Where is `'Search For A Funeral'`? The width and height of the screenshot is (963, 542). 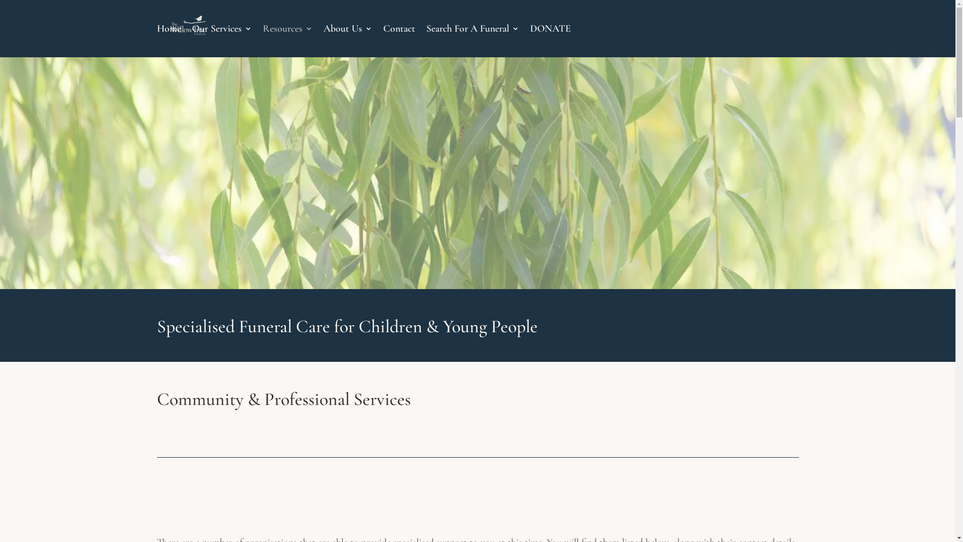
'Search For A Funeral' is located at coordinates (426, 40).